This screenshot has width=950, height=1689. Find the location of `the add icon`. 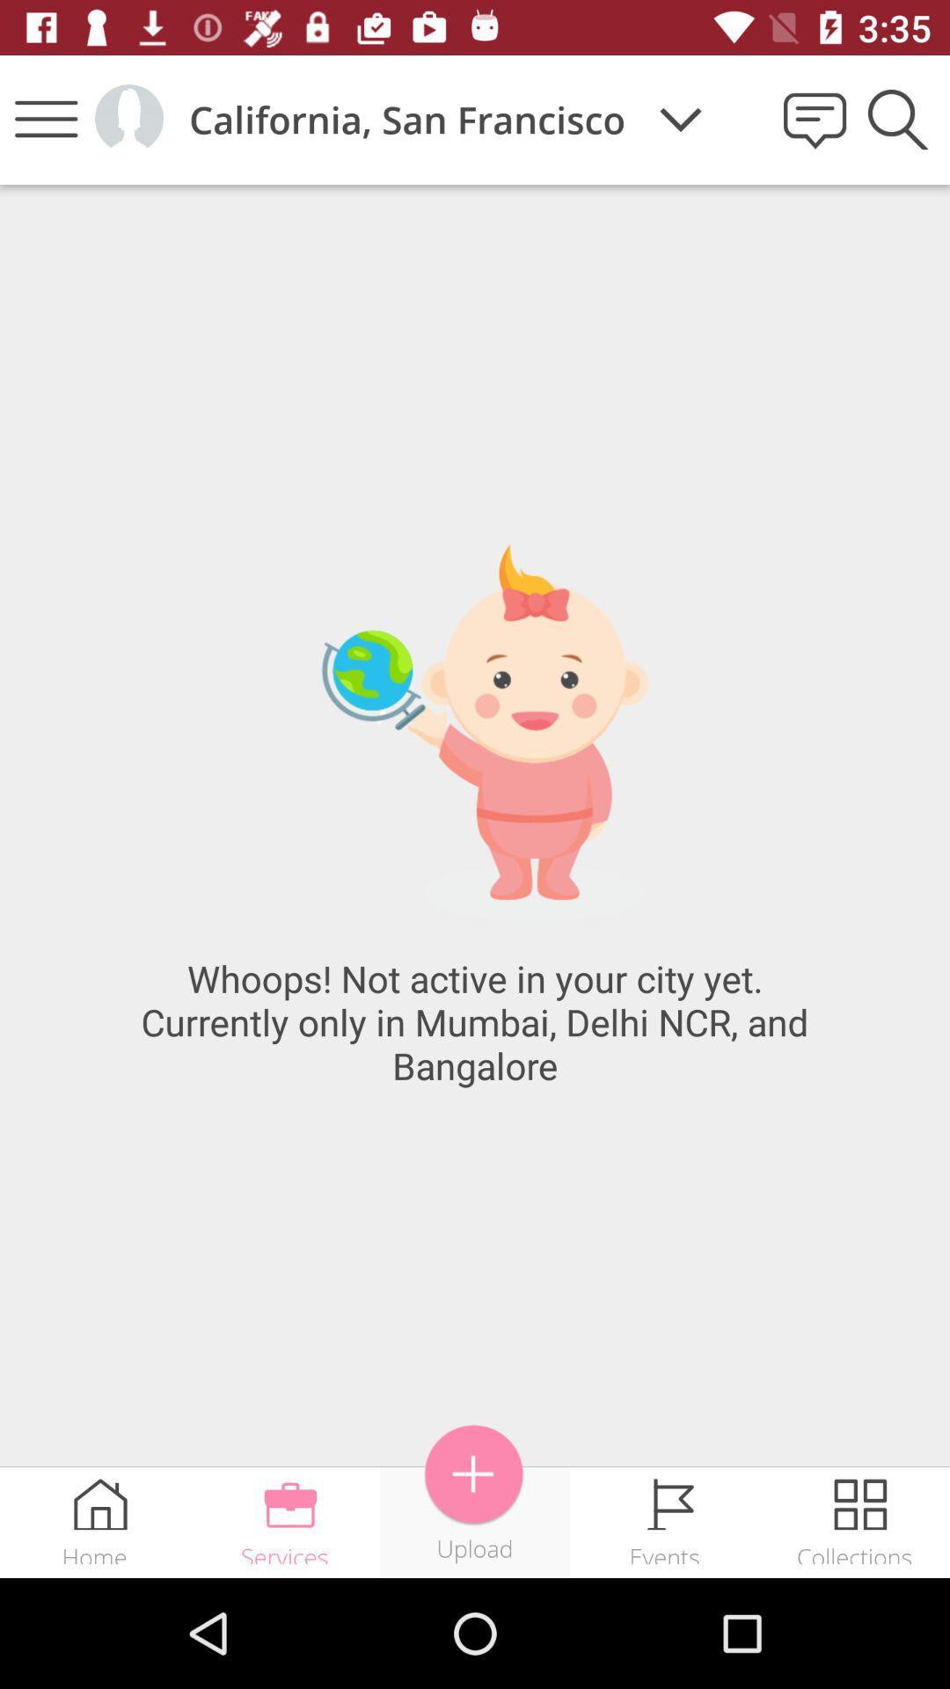

the add icon is located at coordinates (473, 1474).